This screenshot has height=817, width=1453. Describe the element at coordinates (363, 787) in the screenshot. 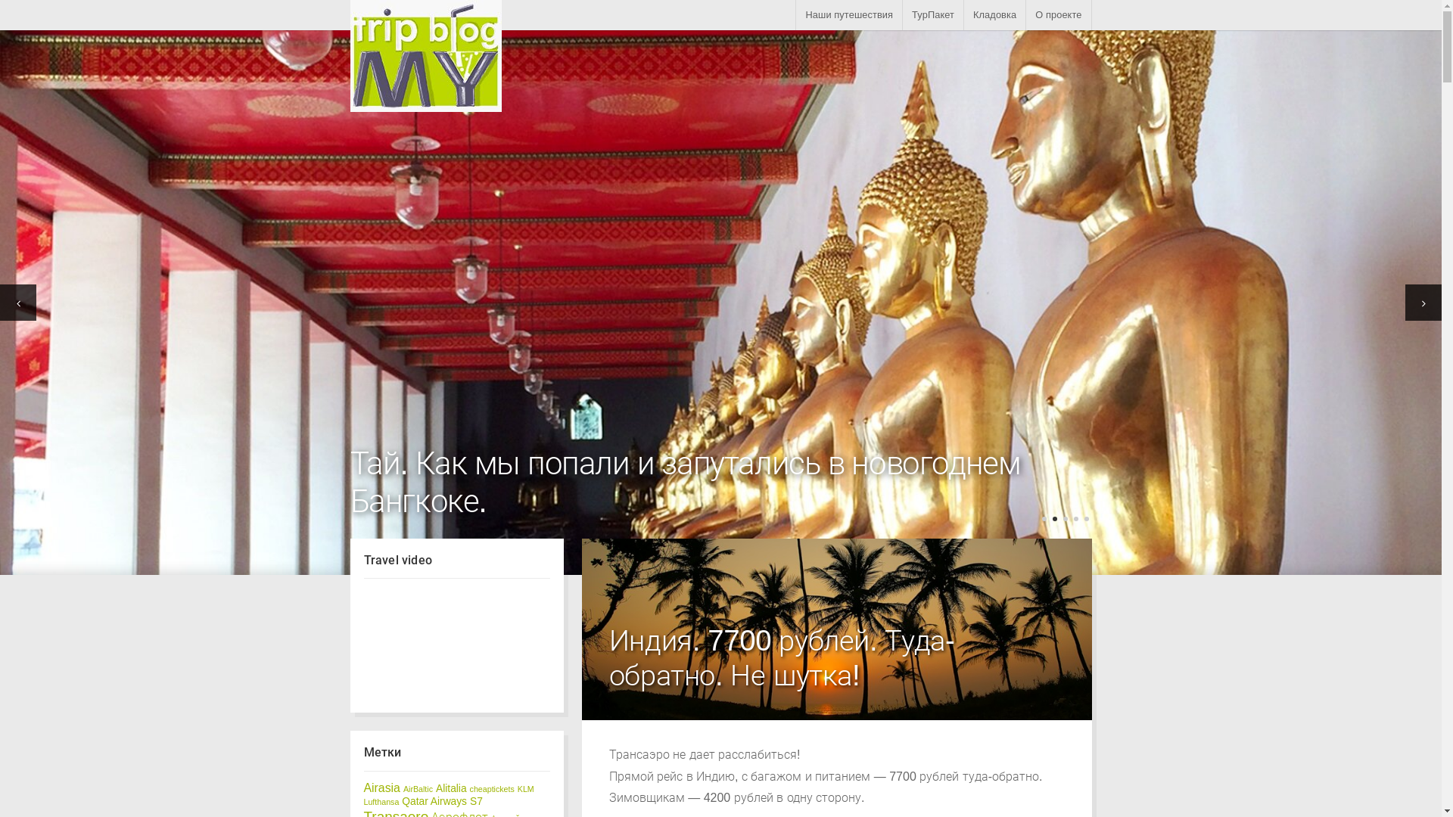

I see `'Airasia'` at that location.